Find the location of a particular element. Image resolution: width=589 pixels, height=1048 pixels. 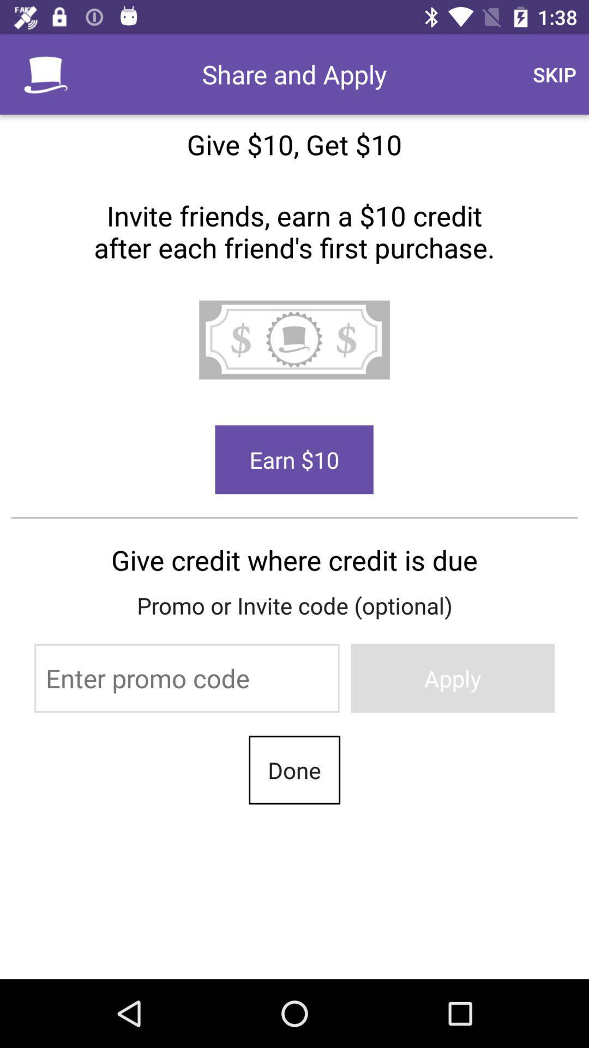

promo code is located at coordinates (186, 677).